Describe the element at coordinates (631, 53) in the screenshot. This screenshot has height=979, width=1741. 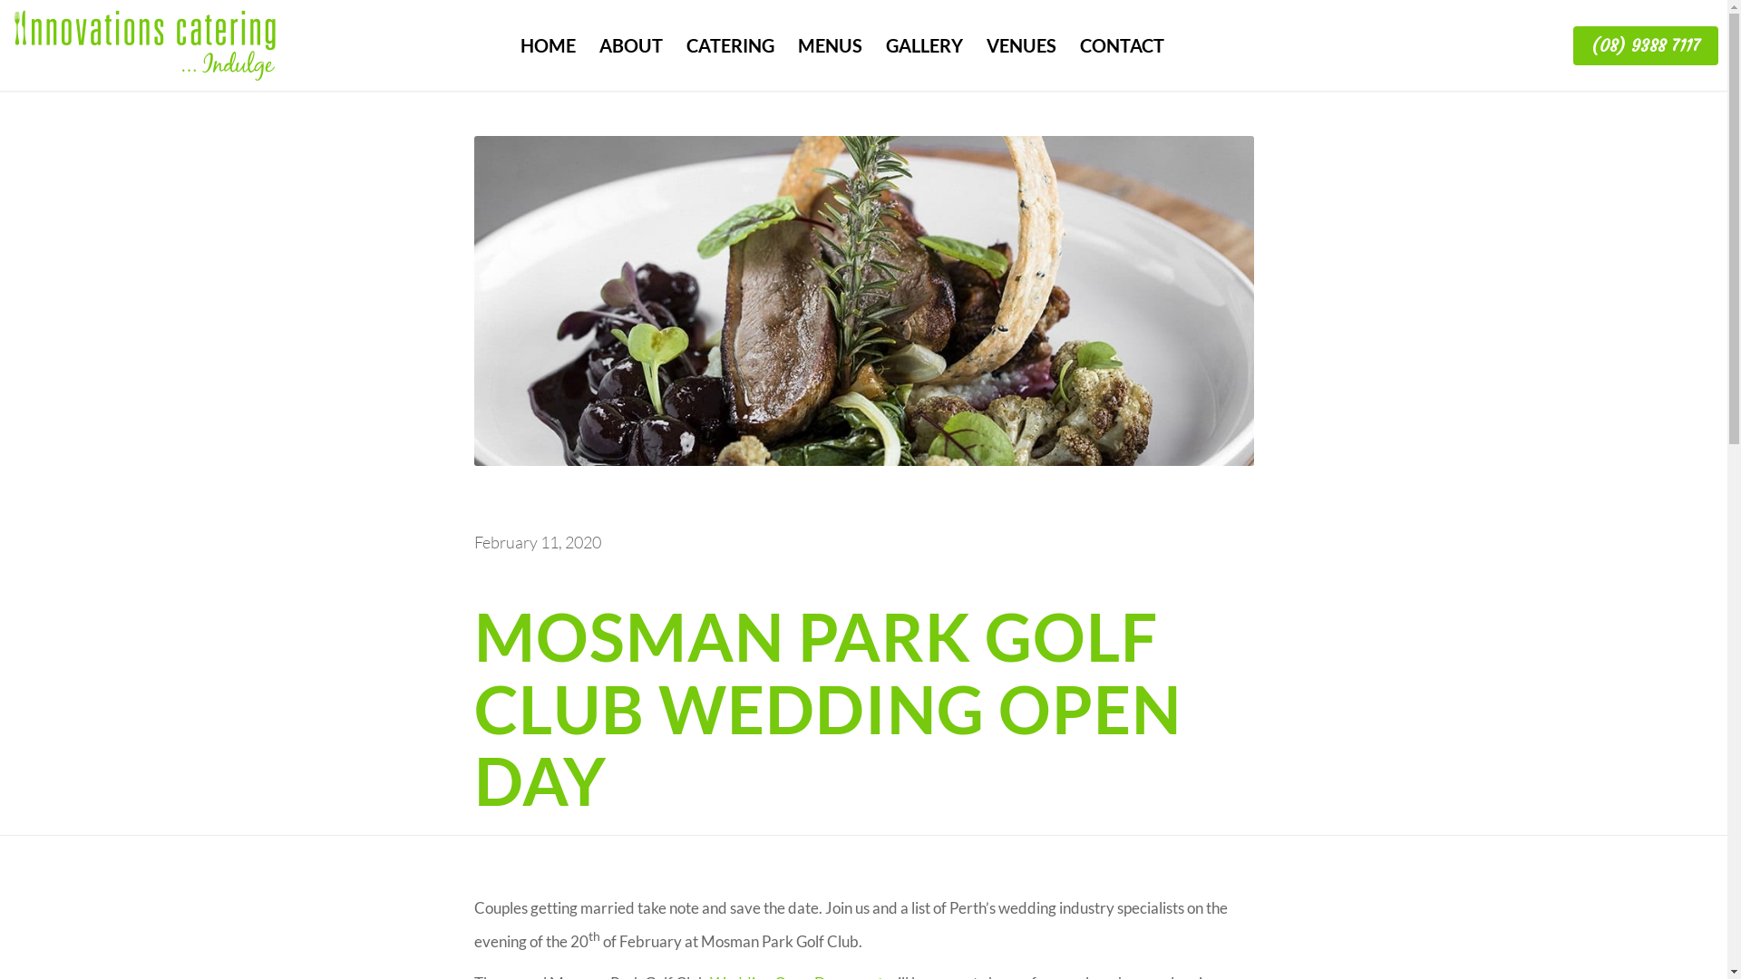
I see `'ABOUT'` at that location.